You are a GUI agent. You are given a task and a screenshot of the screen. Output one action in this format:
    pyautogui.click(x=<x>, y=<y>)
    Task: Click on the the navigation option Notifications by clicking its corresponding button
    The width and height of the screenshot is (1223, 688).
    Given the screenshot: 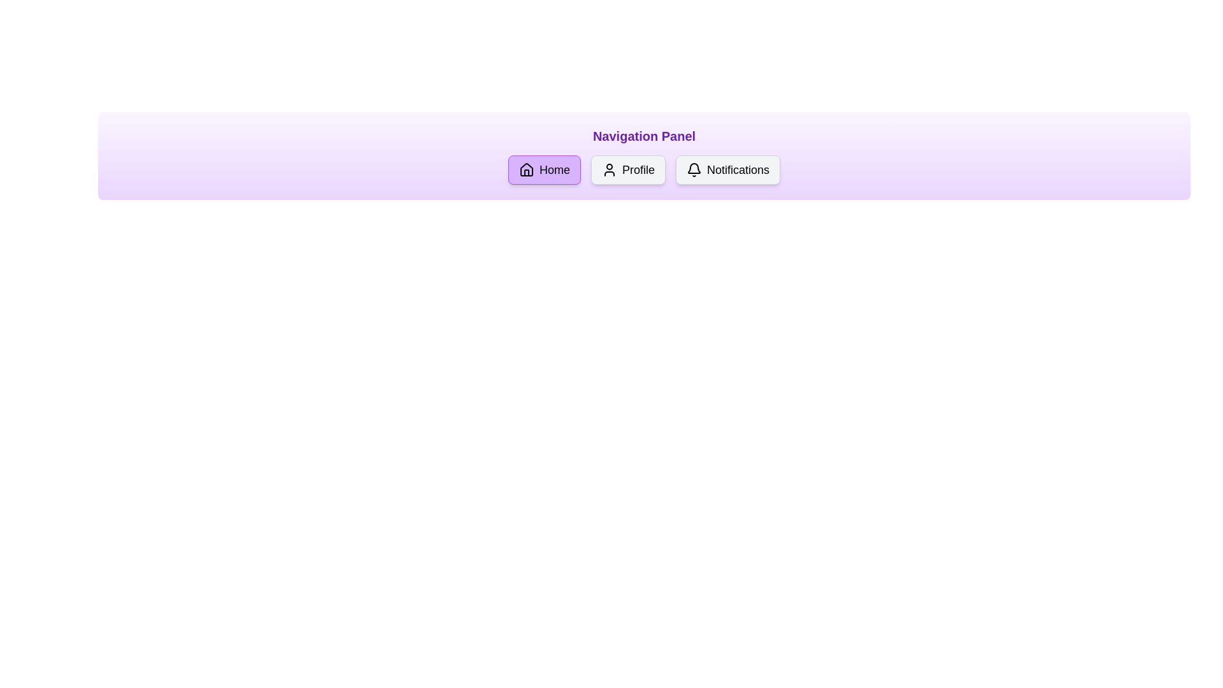 What is the action you would take?
    pyautogui.click(x=727, y=169)
    